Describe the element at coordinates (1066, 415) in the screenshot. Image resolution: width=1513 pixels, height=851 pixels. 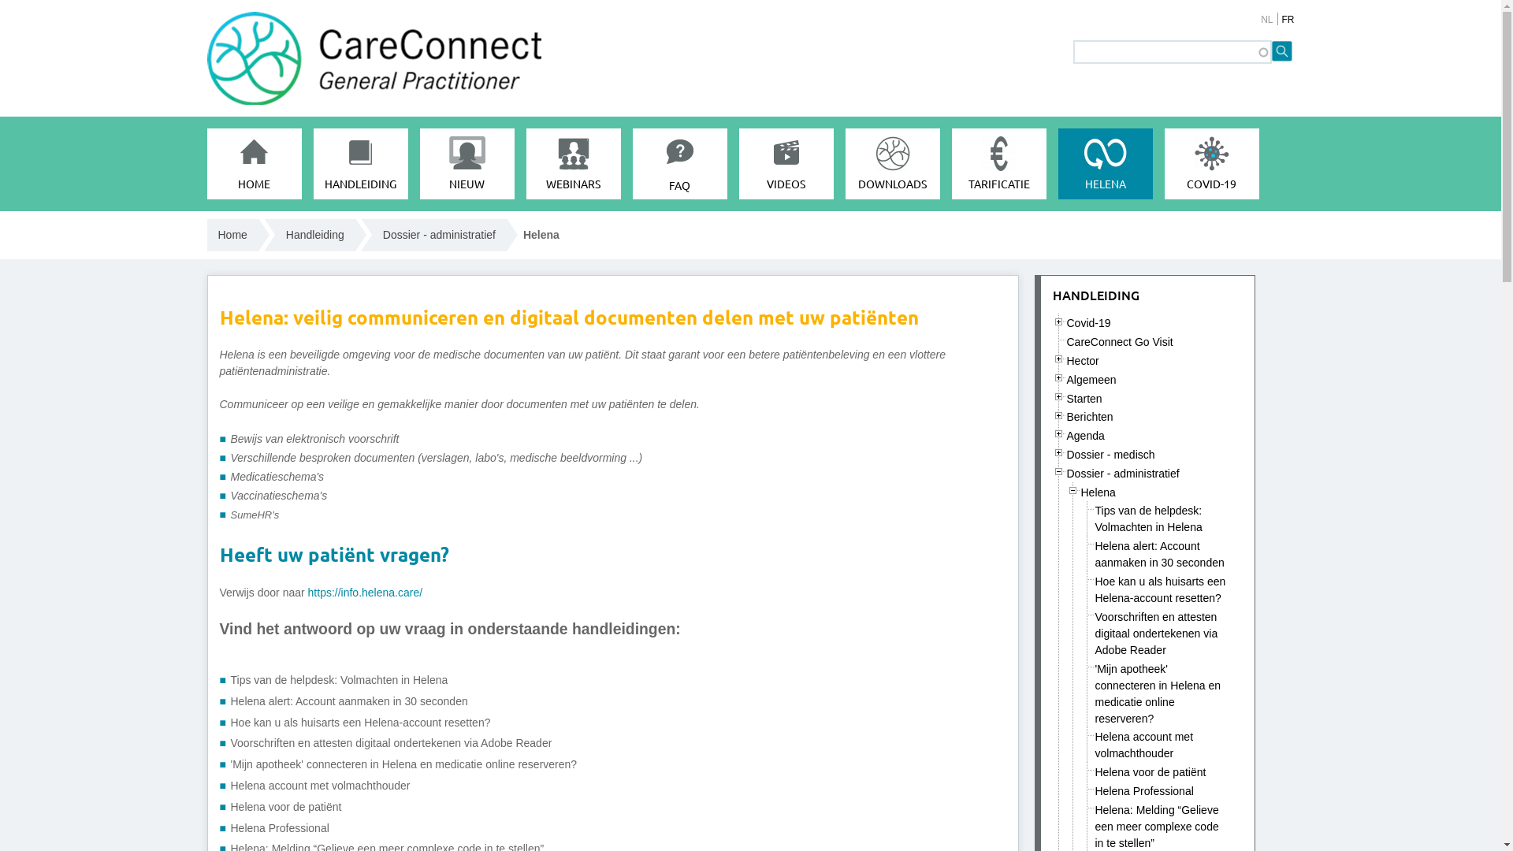
I see `'Berichten'` at that location.